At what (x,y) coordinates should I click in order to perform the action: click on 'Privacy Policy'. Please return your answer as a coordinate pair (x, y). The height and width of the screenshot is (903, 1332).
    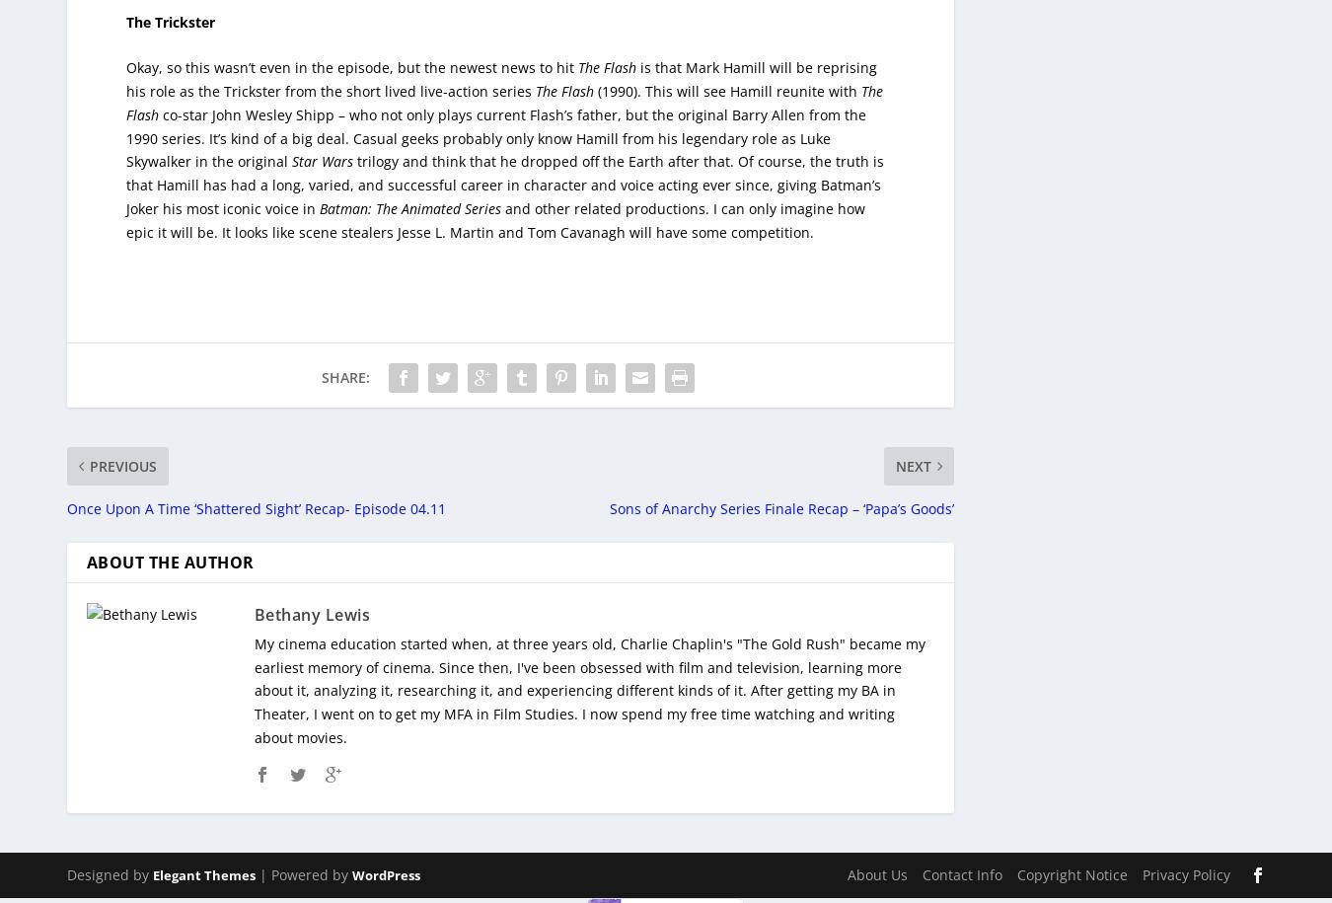
    Looking at the image, I should click on (1140, 860).